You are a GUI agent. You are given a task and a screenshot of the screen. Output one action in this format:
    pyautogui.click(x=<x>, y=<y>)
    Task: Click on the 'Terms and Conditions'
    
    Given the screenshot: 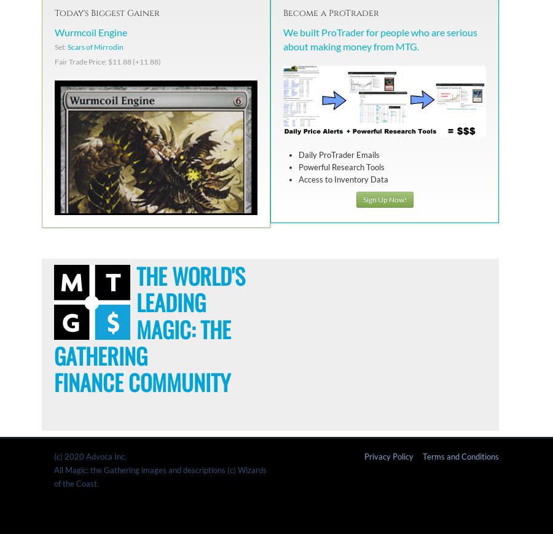 What is the action you would take?
    pyautogui.click(x=460, y=456)
    